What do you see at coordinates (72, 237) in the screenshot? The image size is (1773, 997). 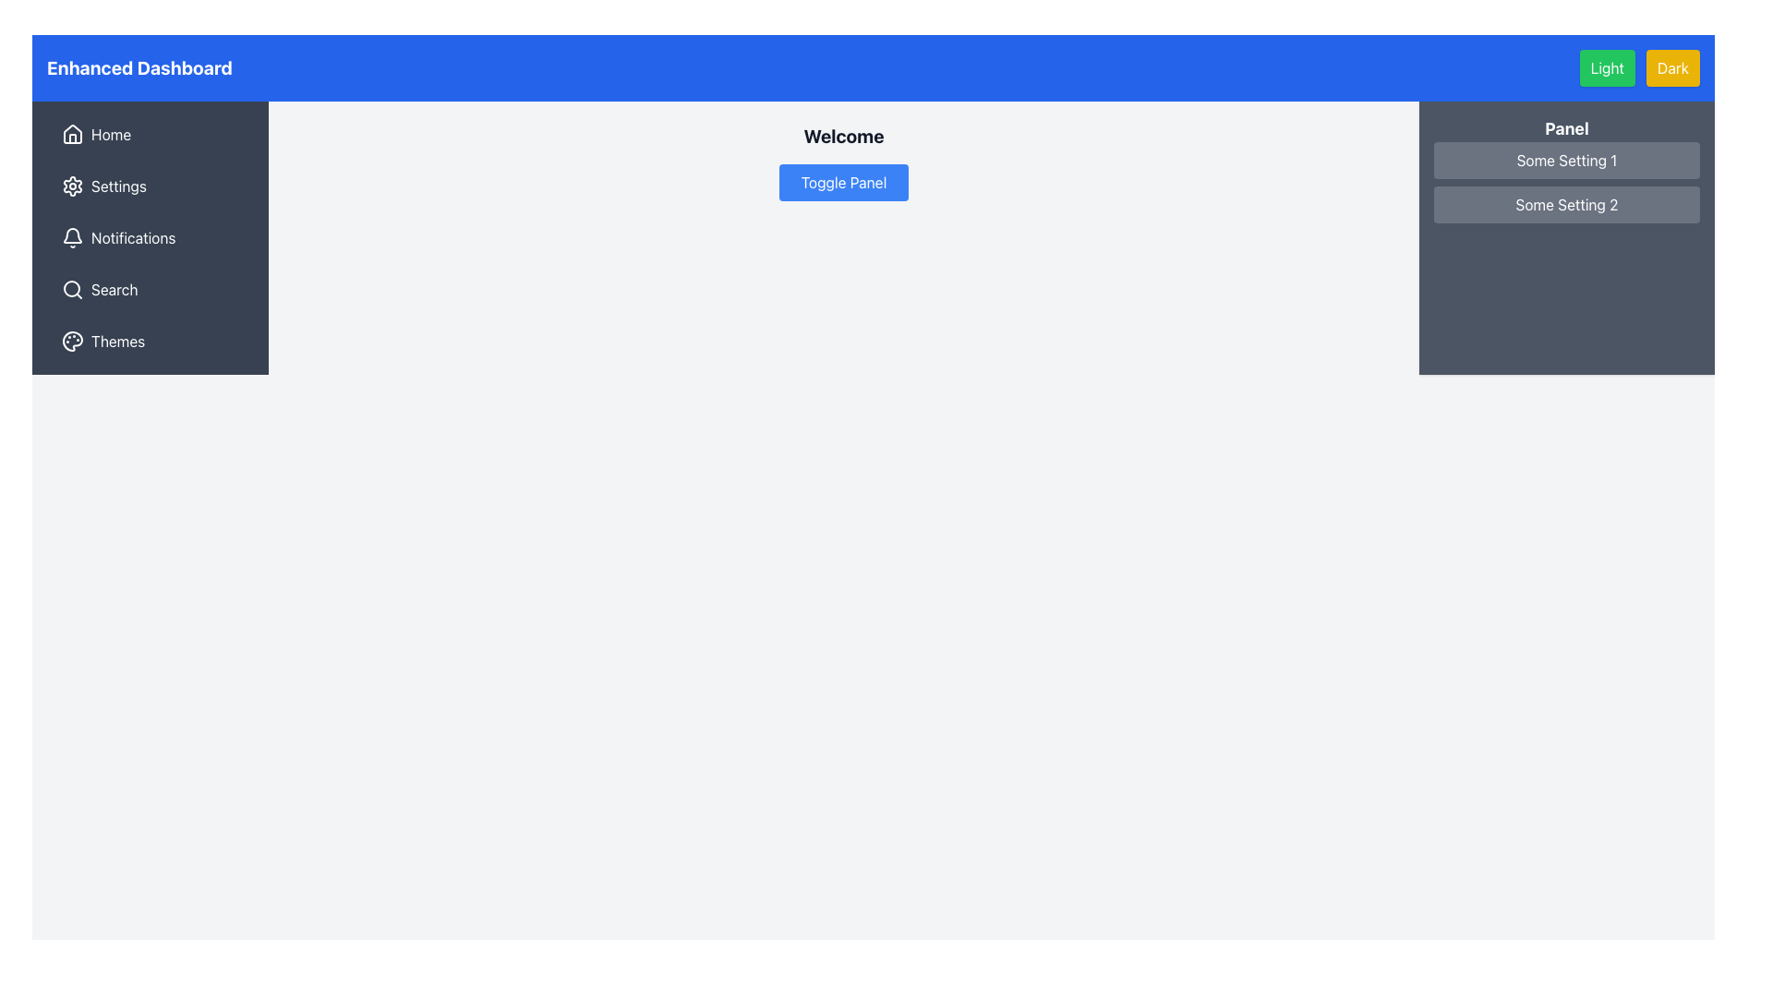 I see `the bell-shaped icon in the 'Notifications' section of the vertical navigation menu` at bounding box center [72, 237].